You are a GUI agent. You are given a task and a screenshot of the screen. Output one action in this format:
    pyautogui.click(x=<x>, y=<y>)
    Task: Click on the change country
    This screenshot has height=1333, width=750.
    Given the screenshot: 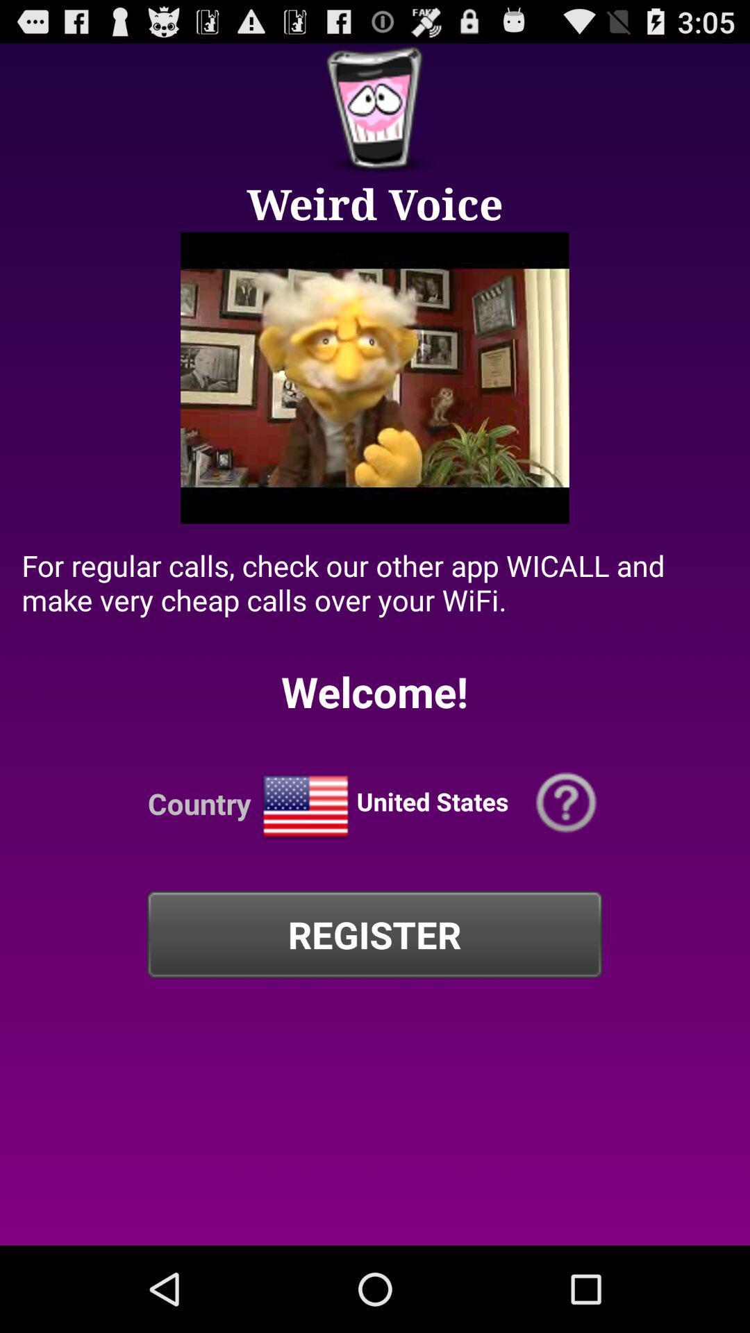 What is the action you would take?
    pyautogui.click(x=305, y=807)
    